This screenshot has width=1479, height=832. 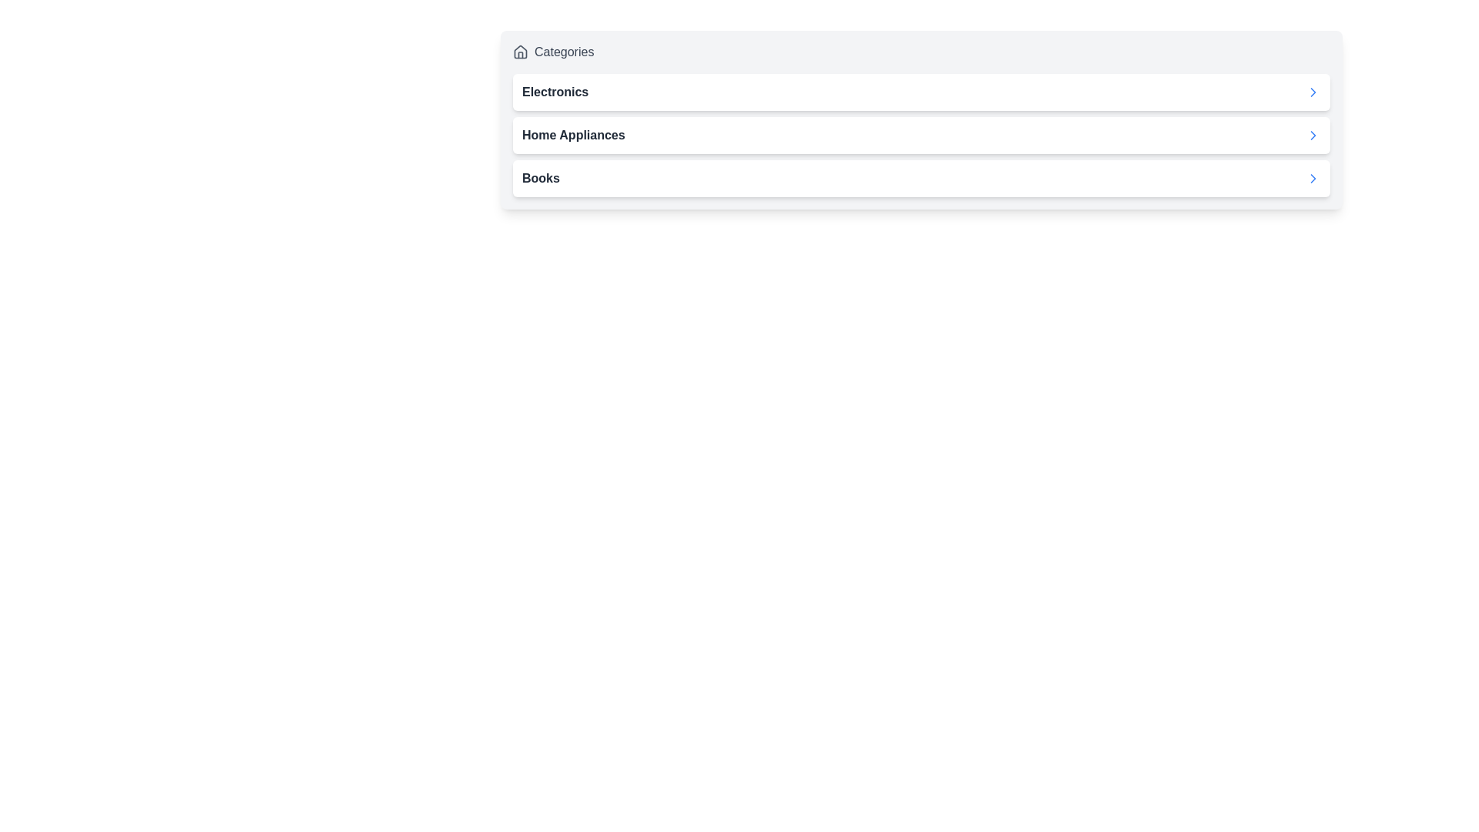 I want to click on the category name label located at the top left of the white card section, which is to the left of a small blue arrow icon, so click(x=555, y=92).